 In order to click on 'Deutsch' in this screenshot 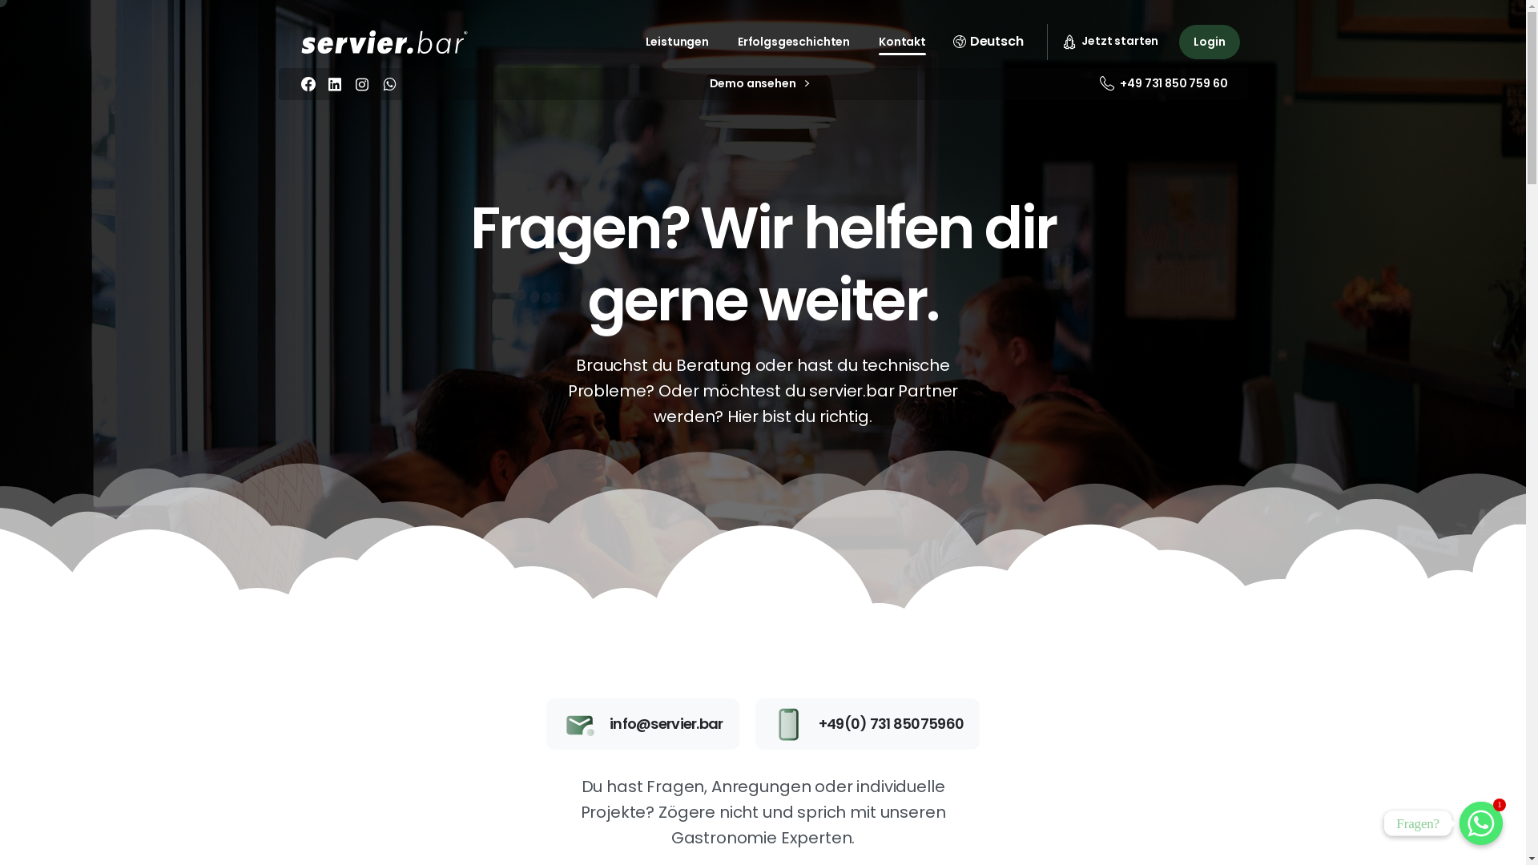, I will do `click(987, 41)`.